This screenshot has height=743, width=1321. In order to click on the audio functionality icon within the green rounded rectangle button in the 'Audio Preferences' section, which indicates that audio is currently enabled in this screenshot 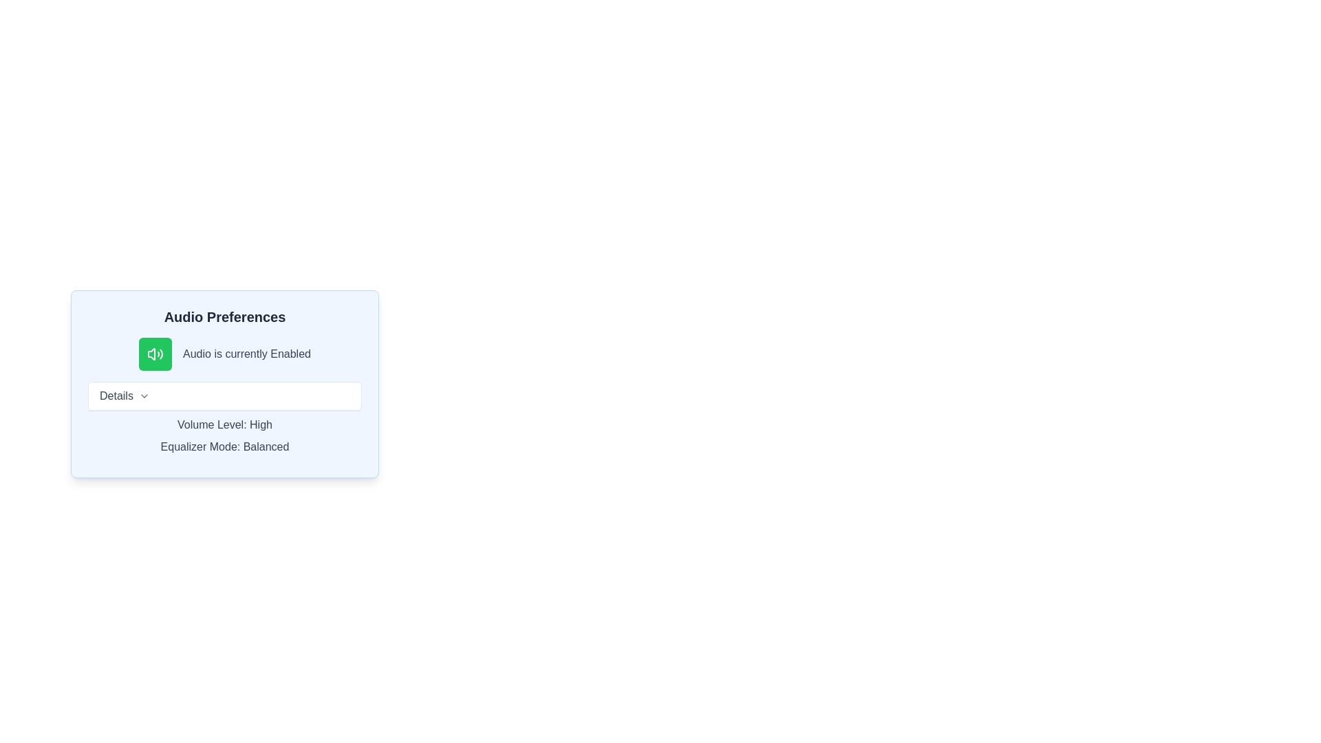, I will do `click(155, 354)`.